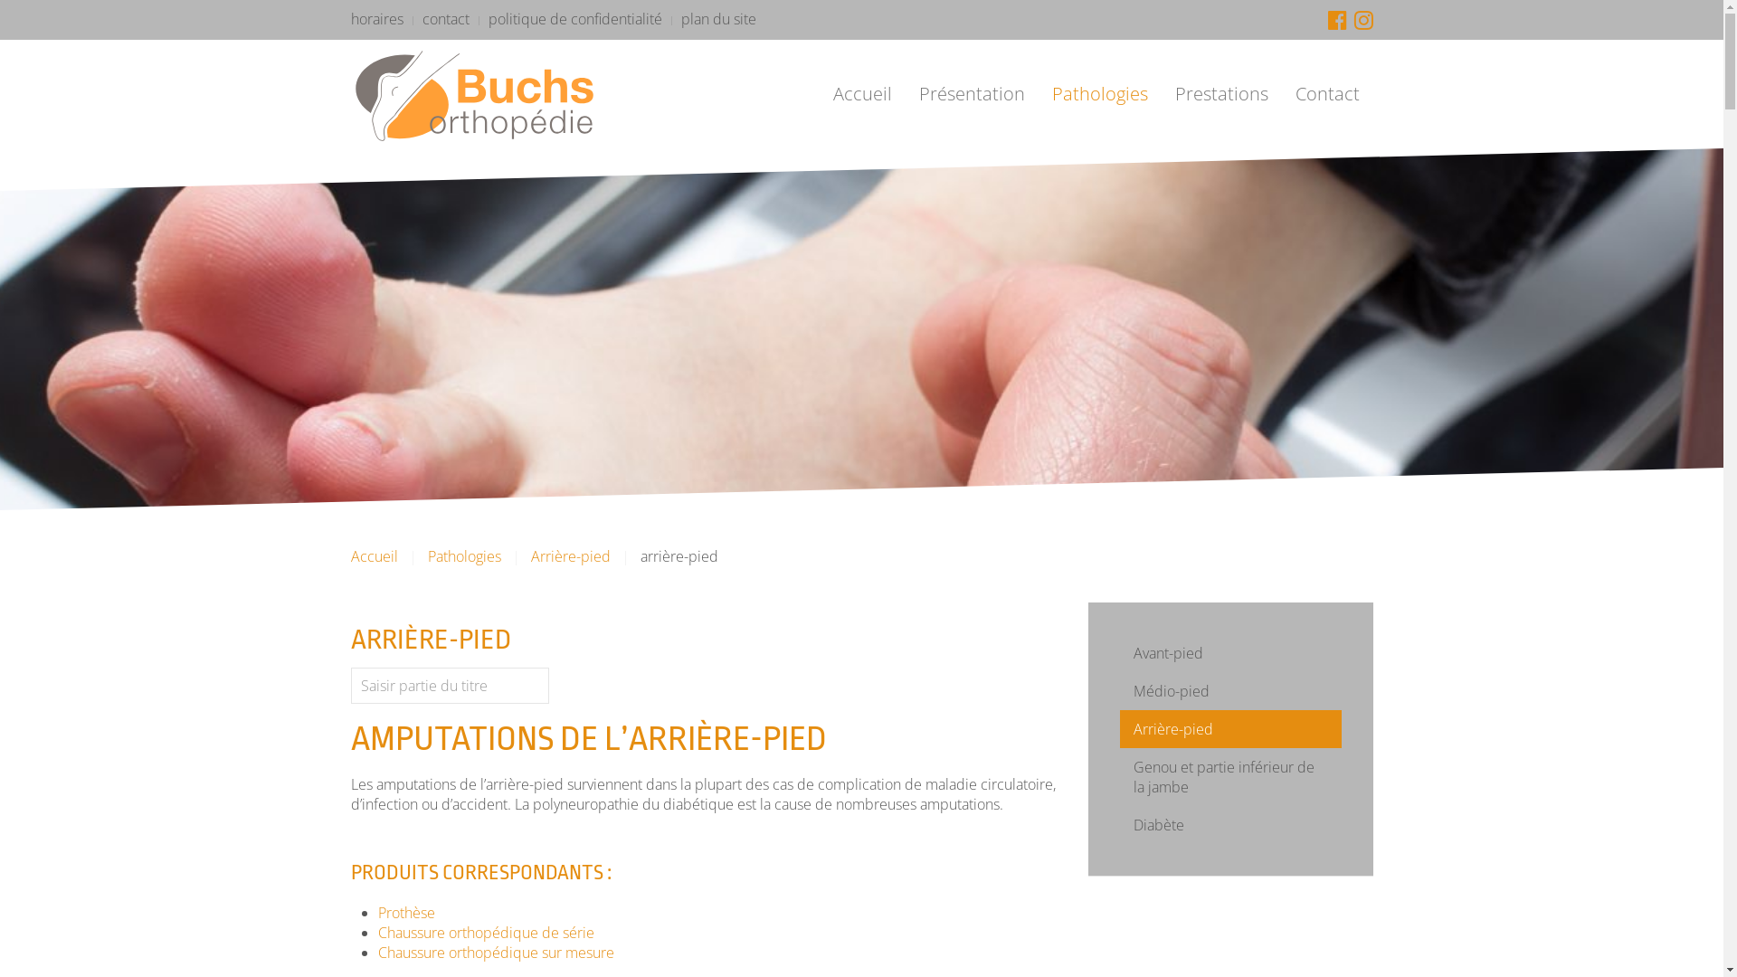 The image size is (1737, 977). Describe the element at coordinates (463, 555) in the screenshot. I see `'Pathologies'` at that location.